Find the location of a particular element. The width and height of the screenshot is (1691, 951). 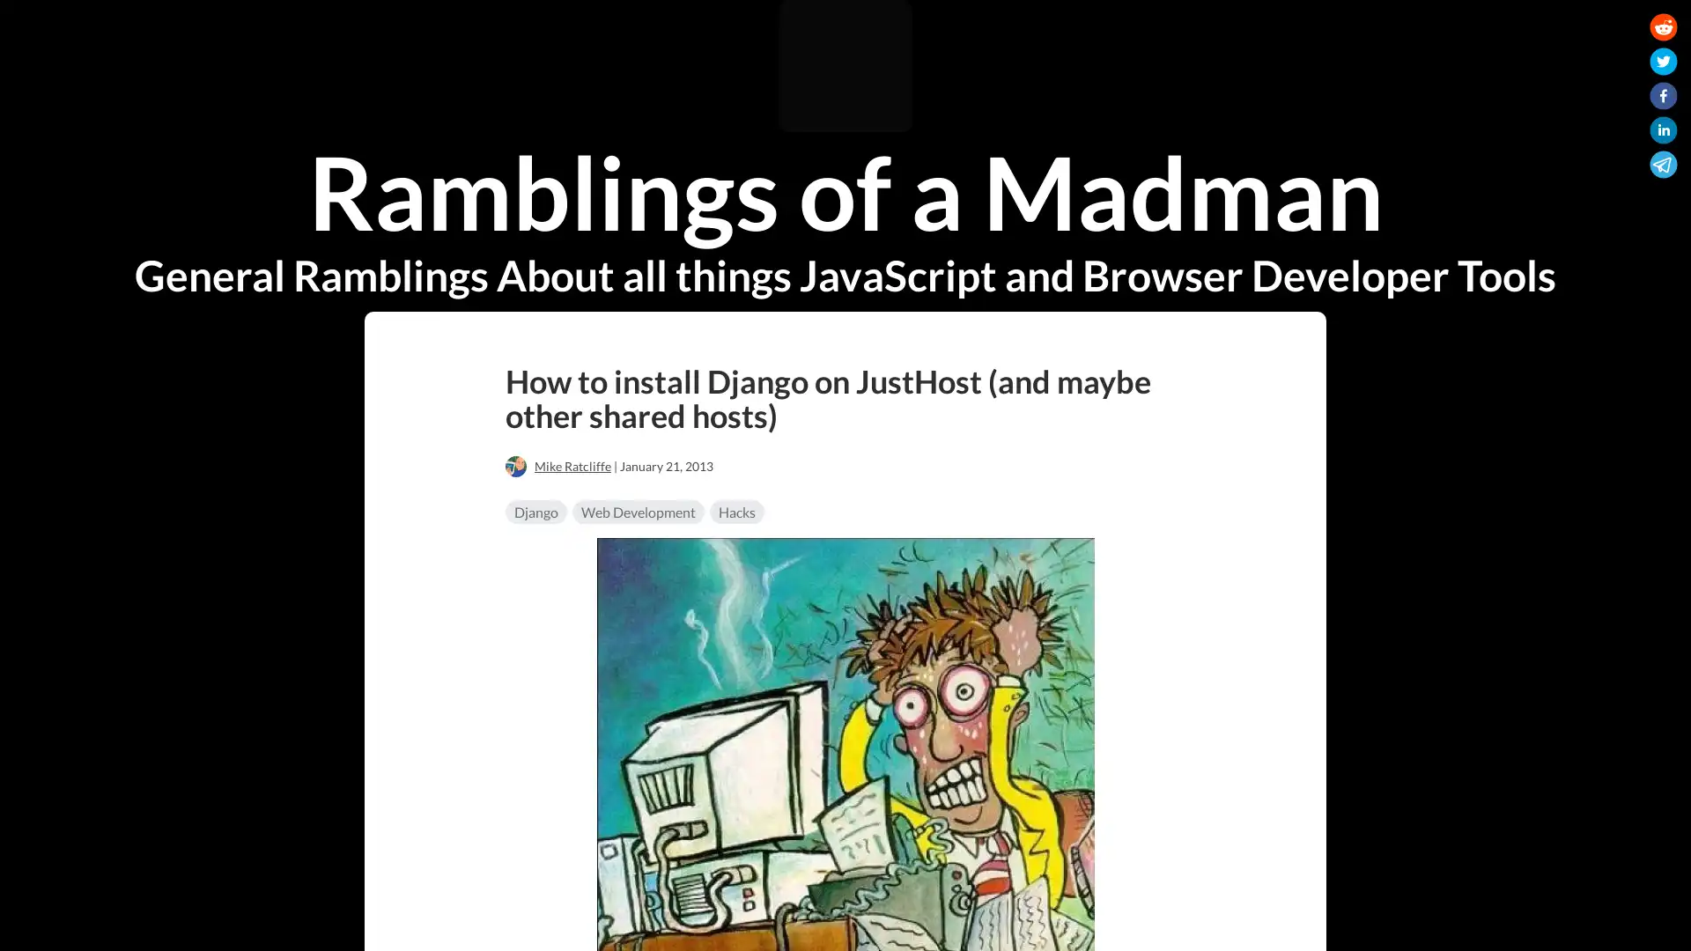

linkedin is located at coordinates (1663, 132).